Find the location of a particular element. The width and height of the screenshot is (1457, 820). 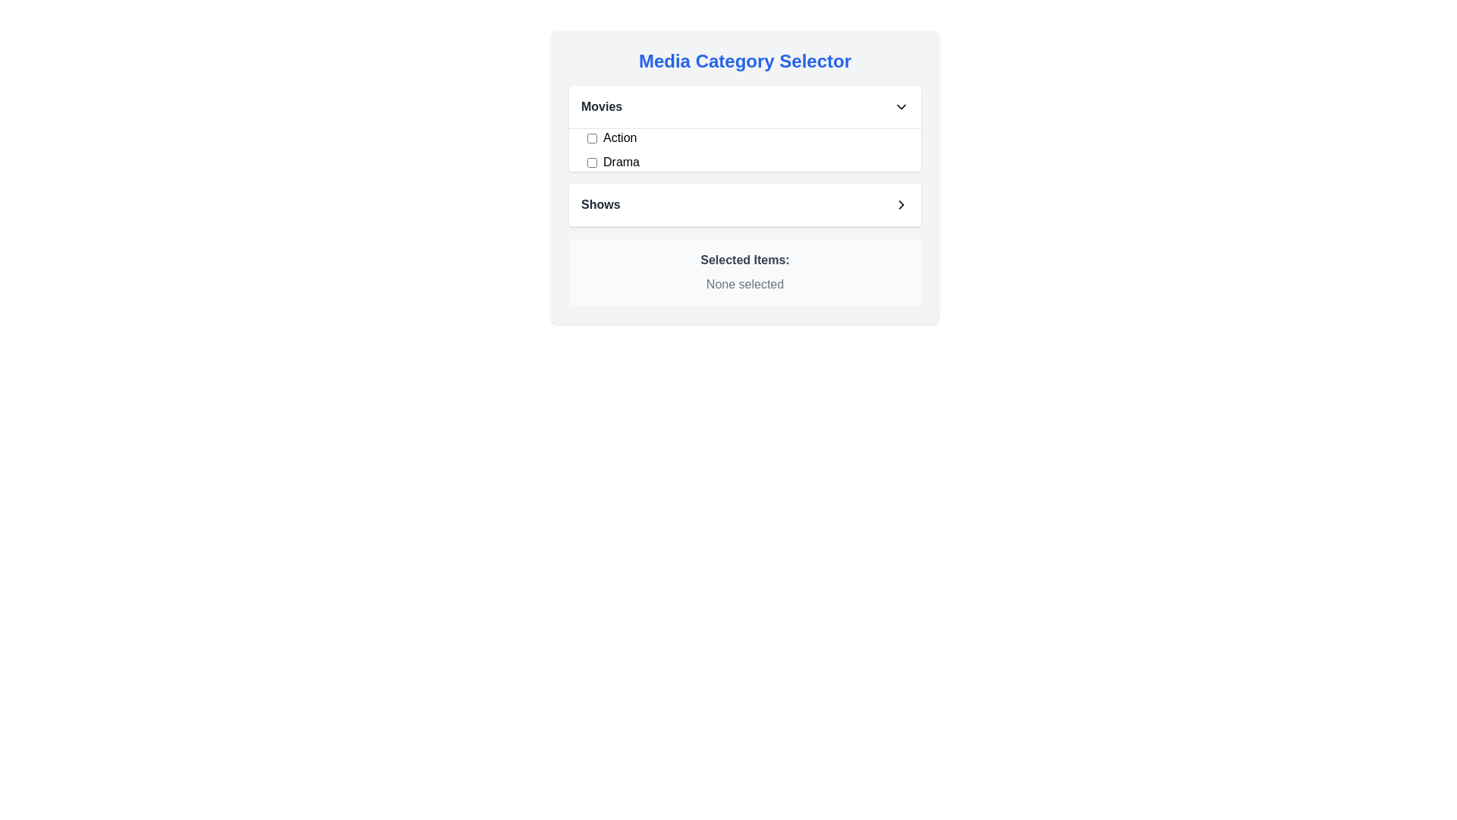

the chevron icon on the right edge of the 'Shows' dropdown header to interact with the dropdown functionality is located at coordinates (902, 205).